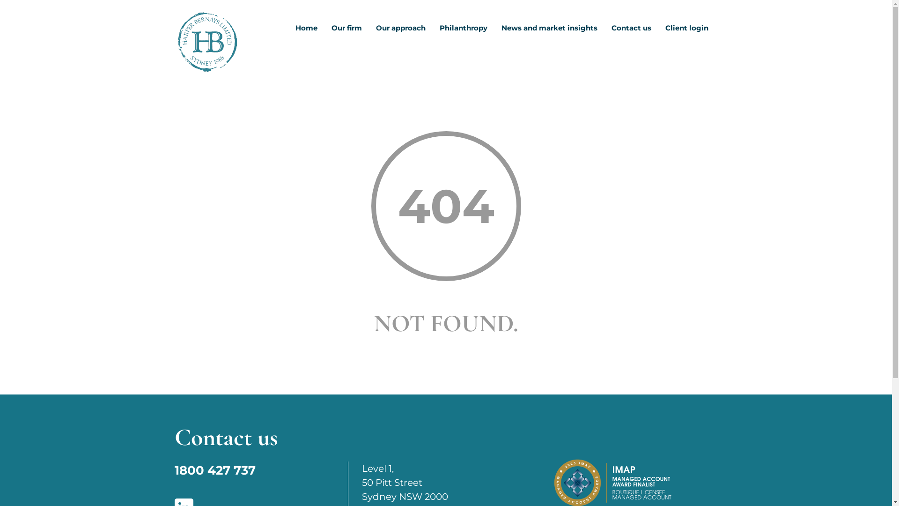 This screenshot has width=899, height=506. I want to click on 'Client login', so click(687, 30).